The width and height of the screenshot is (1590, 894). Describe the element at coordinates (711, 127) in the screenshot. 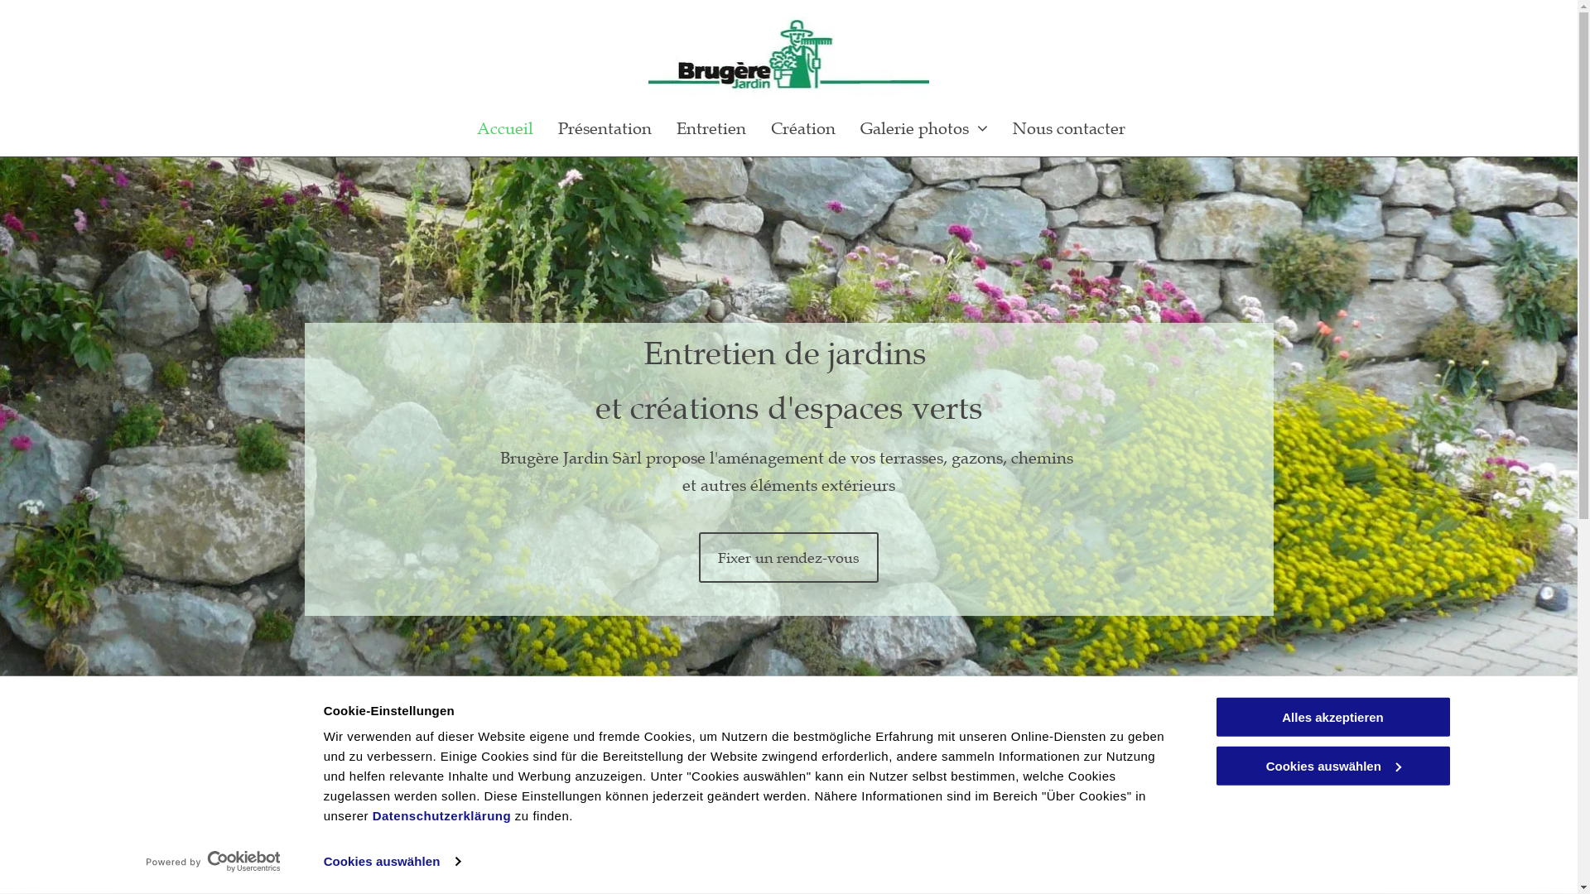

I see `'Entretien'` at that location.